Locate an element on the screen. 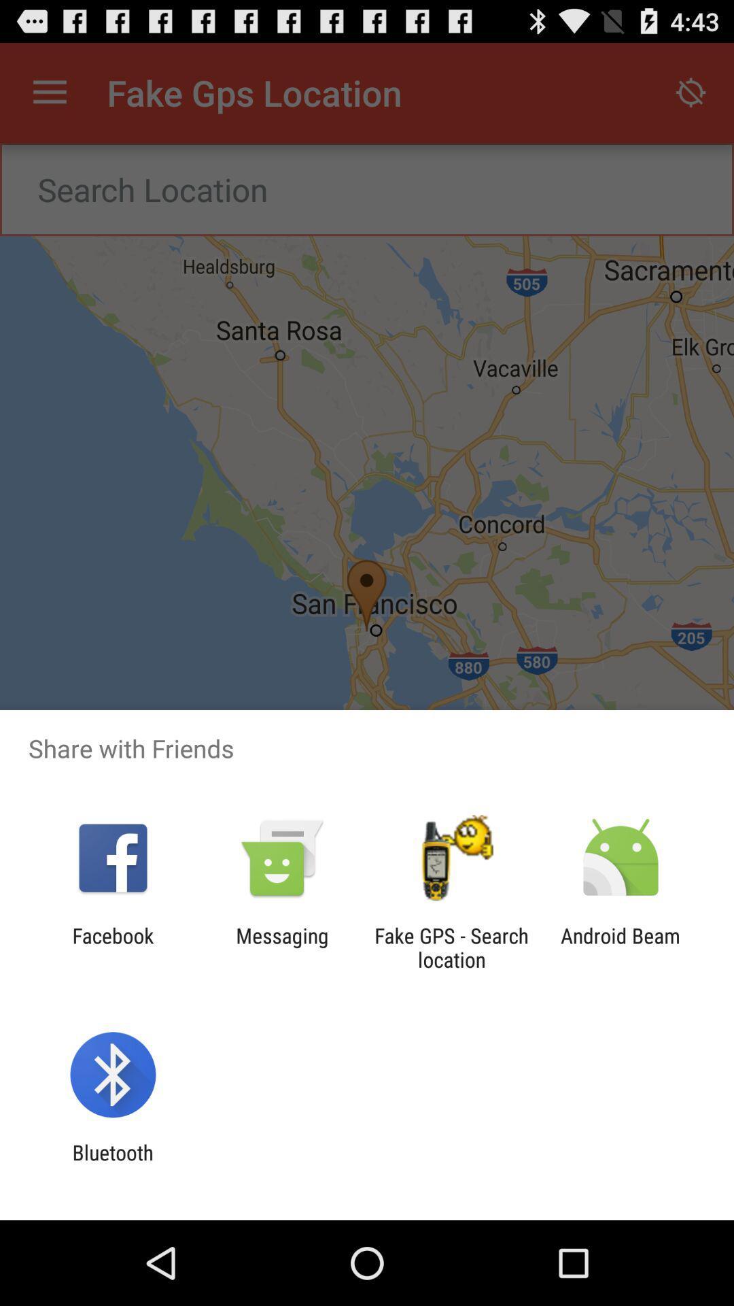 Image resolution: width=734 pixels, height=1306 pixels. app next to the android beam app is located at coordinates (451, 947).